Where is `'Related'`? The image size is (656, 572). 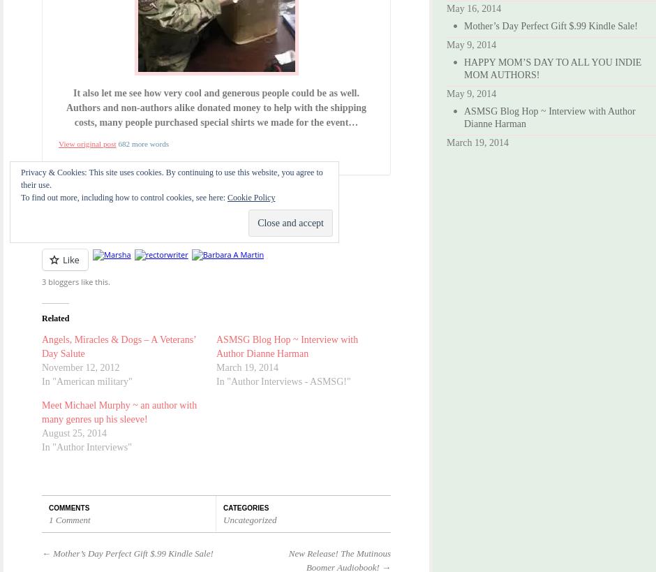 'Related' is located at coordinates (40, 318).